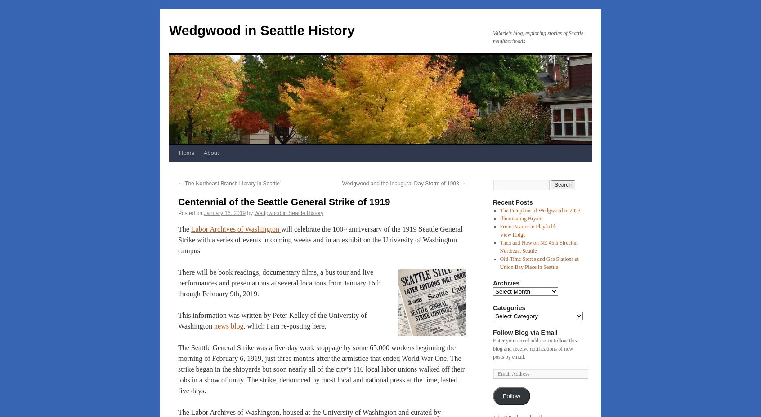  Describe the element at coordinates (512, 202) in the screenshot. I see `'Recent Posts'` at that location.